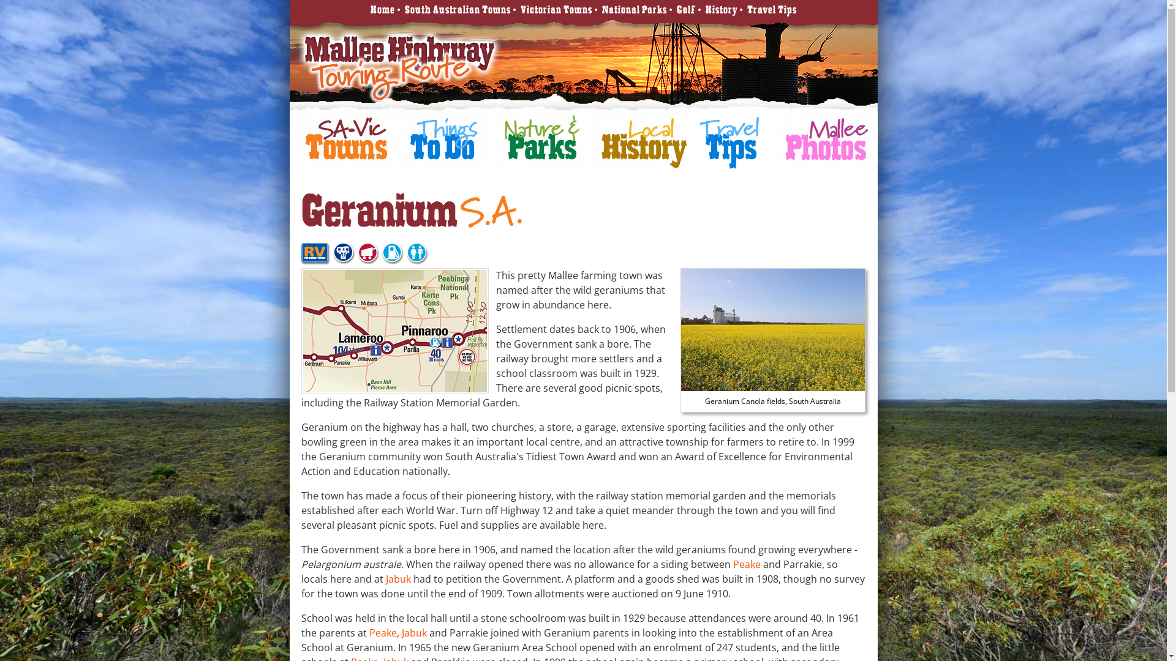  What do you see at coordinates (634, 9) in the screenshot?
I see `'National Parks'` at bounding box center [634, 9].